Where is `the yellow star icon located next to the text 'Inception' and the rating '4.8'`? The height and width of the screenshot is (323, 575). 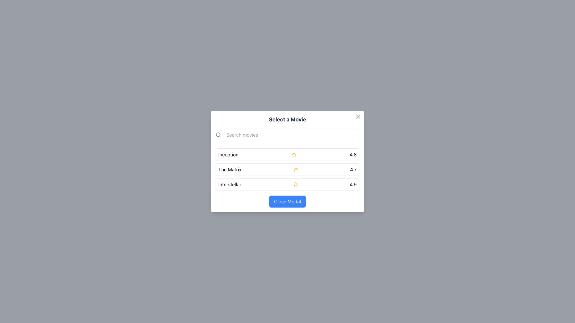 the yellow star icon located next to the text 'Inception' and the rating '4.8' is located at coordinates (294, 154).